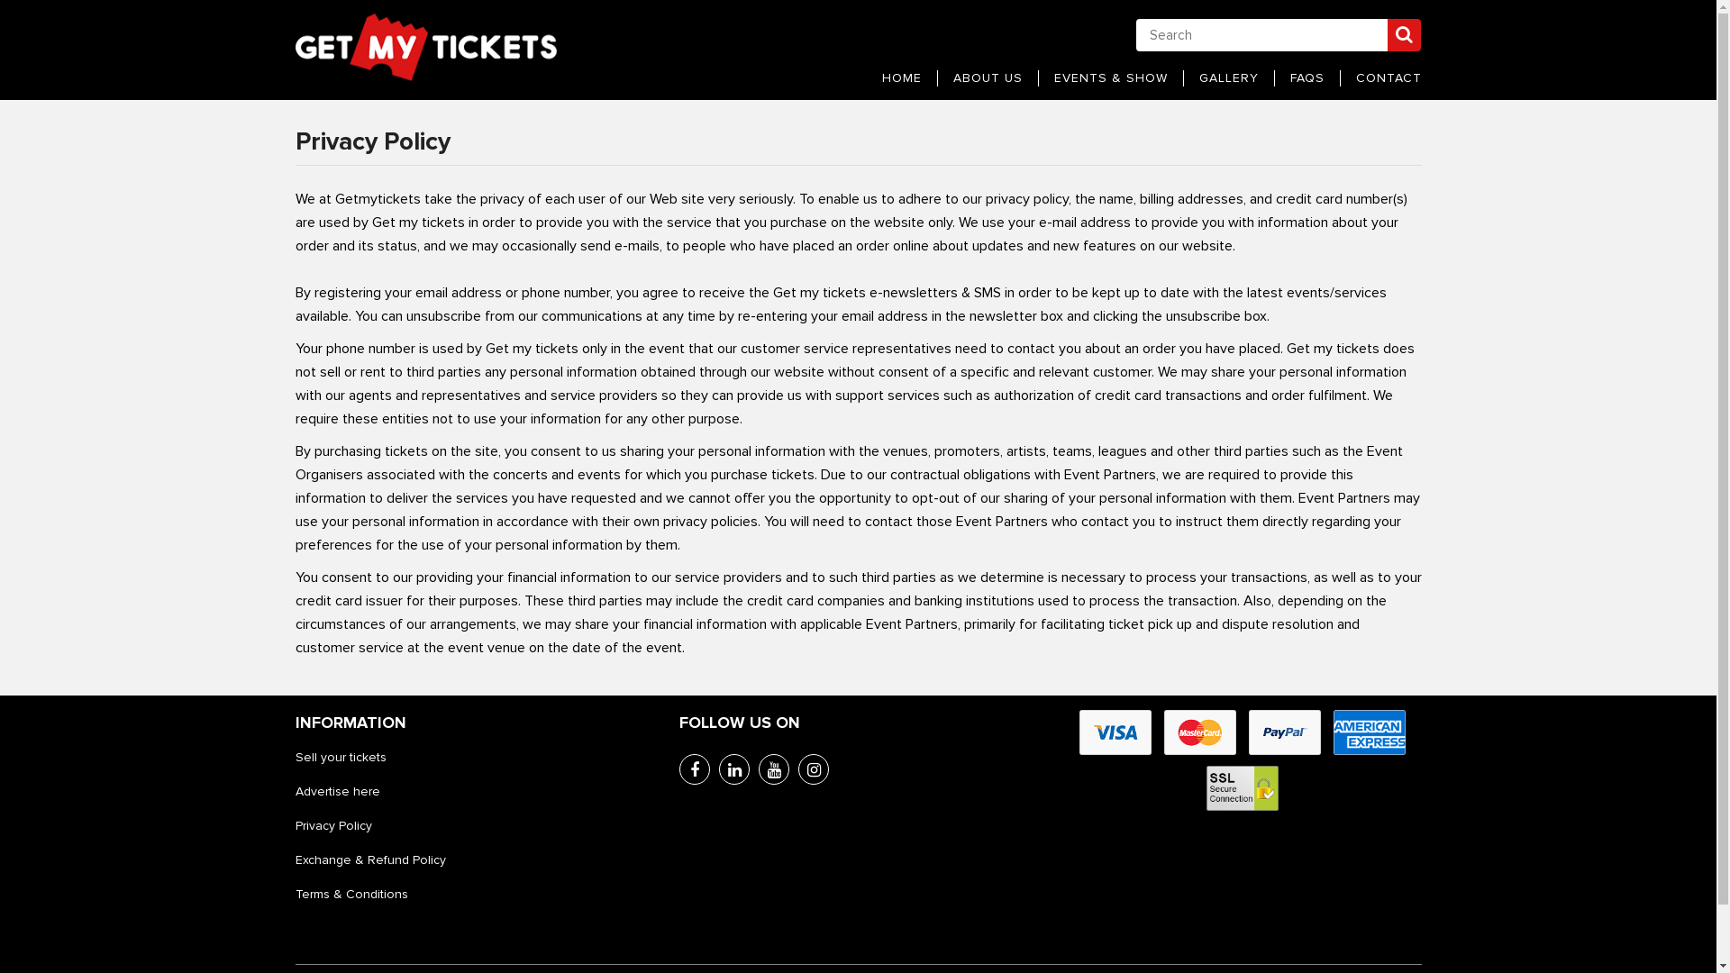 This screenshot has height=973, width=1730. What do you see at coordinates (351, 894) in the screenshot?
I see `'Terms & Conditions'` at bounding box center [351, 894].